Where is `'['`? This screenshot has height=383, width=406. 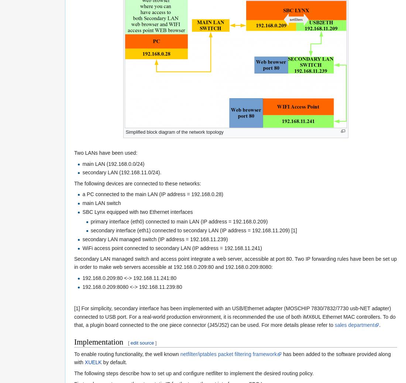 '[' is located at coordinates (127, 342).